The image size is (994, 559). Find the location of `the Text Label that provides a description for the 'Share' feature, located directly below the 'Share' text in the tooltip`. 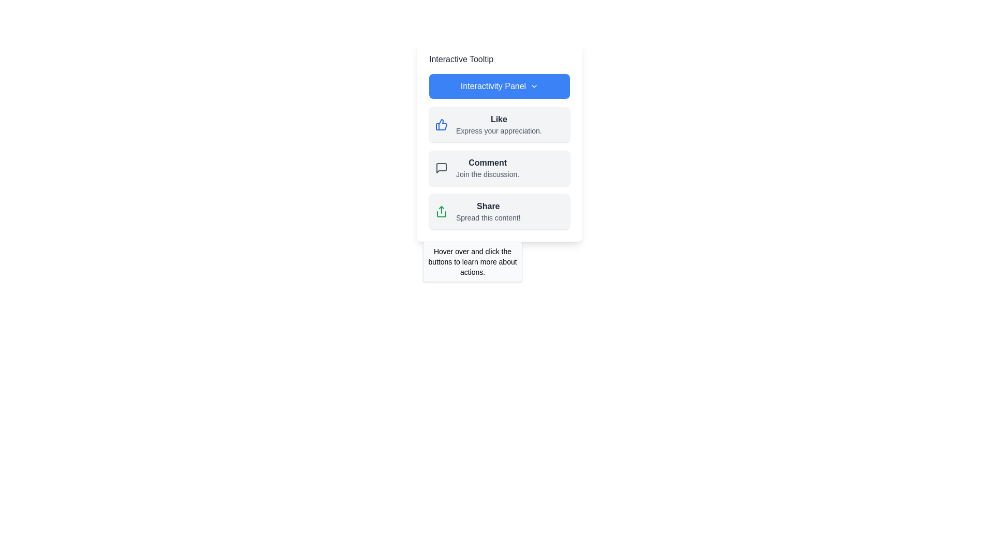

the Text Label that provides a description for the 'Share' feature, located directly below the 'Share' text in the tooltip is located at coordinates (488, 217).